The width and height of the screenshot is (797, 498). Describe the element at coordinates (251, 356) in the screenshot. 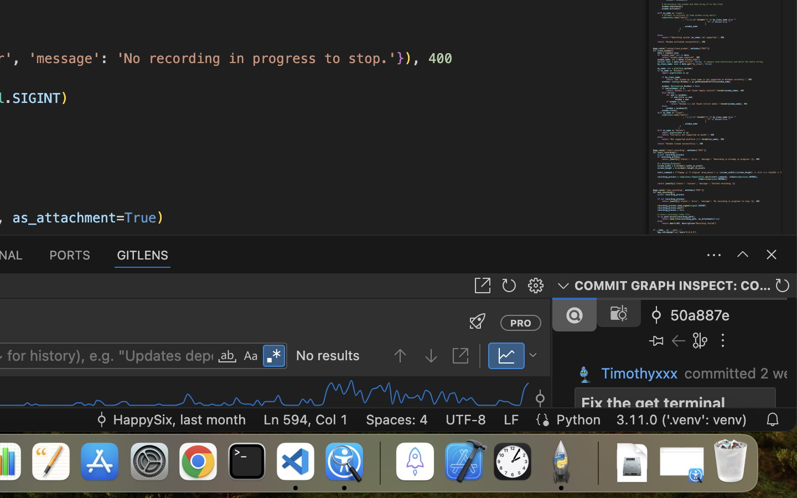

I see `''` at that location.